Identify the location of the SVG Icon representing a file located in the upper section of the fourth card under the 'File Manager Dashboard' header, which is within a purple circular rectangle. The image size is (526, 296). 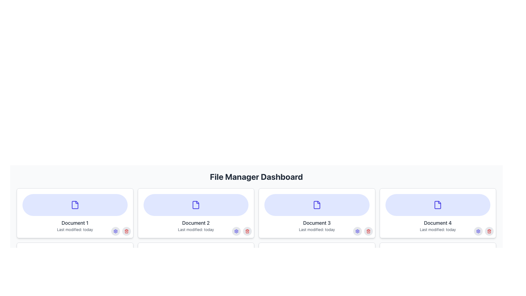
(438, 205).